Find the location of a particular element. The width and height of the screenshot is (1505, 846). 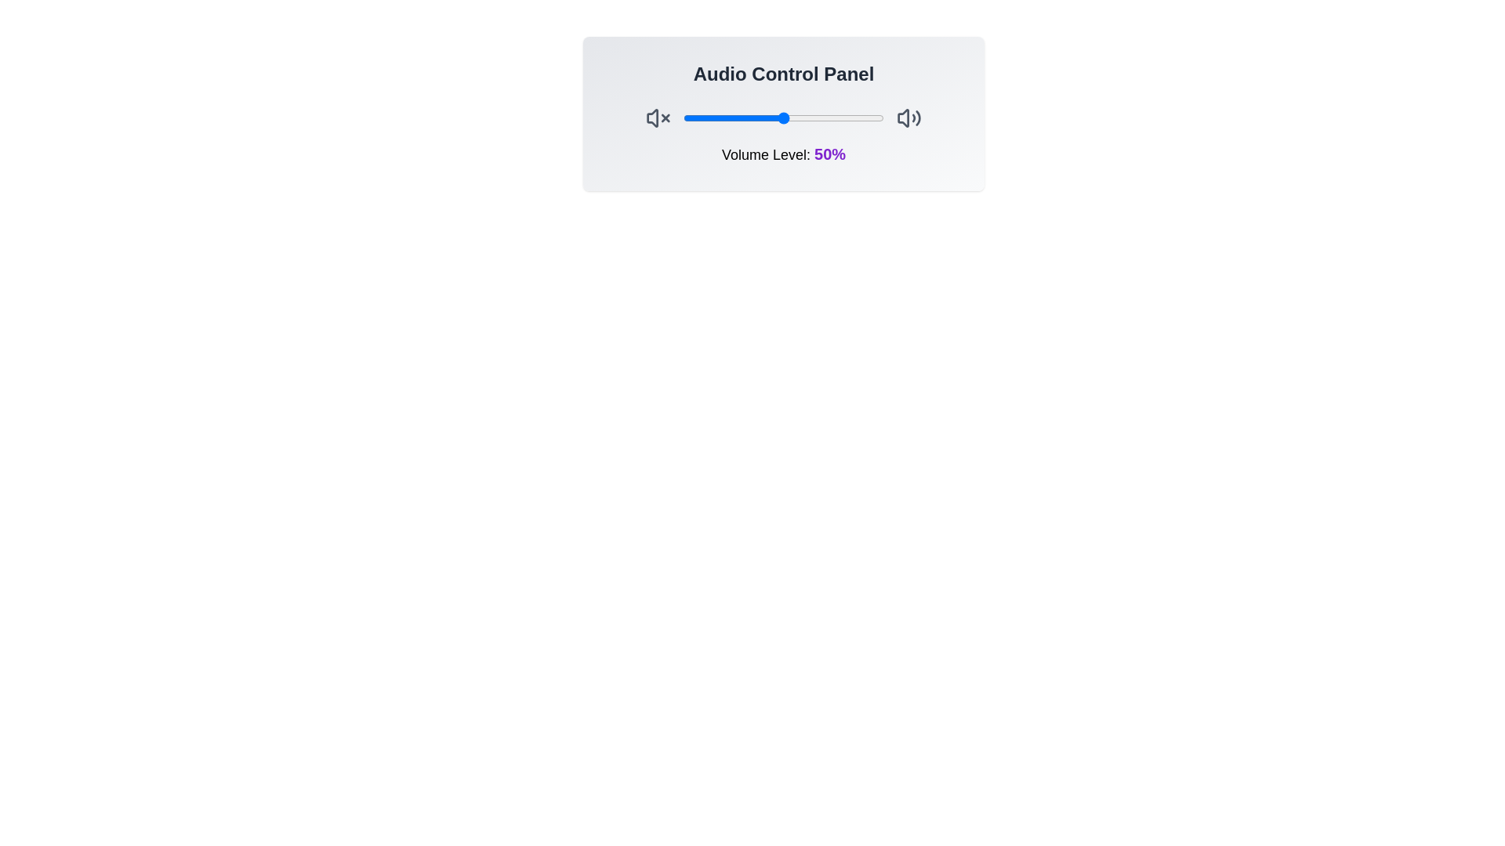

the text label displaying the current volume level value, which is part of the text block reading 'Volume Level: 50%', positioned to the right of 'Volume Level:' and centered beneath the volume slider is located at coordinates (829, 154).